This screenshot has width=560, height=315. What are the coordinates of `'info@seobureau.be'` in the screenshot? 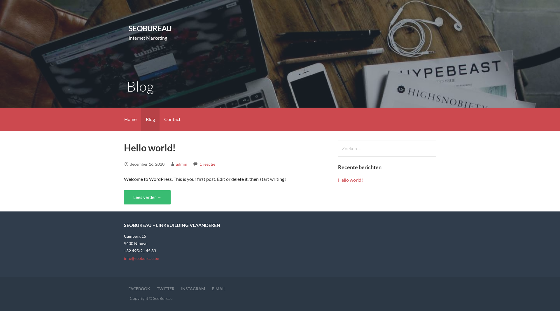 It's located at (124, 258).